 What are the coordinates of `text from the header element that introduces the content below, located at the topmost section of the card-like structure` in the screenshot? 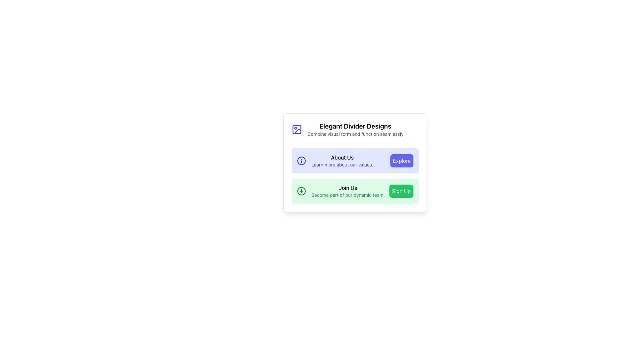 It's located at (355, 130).